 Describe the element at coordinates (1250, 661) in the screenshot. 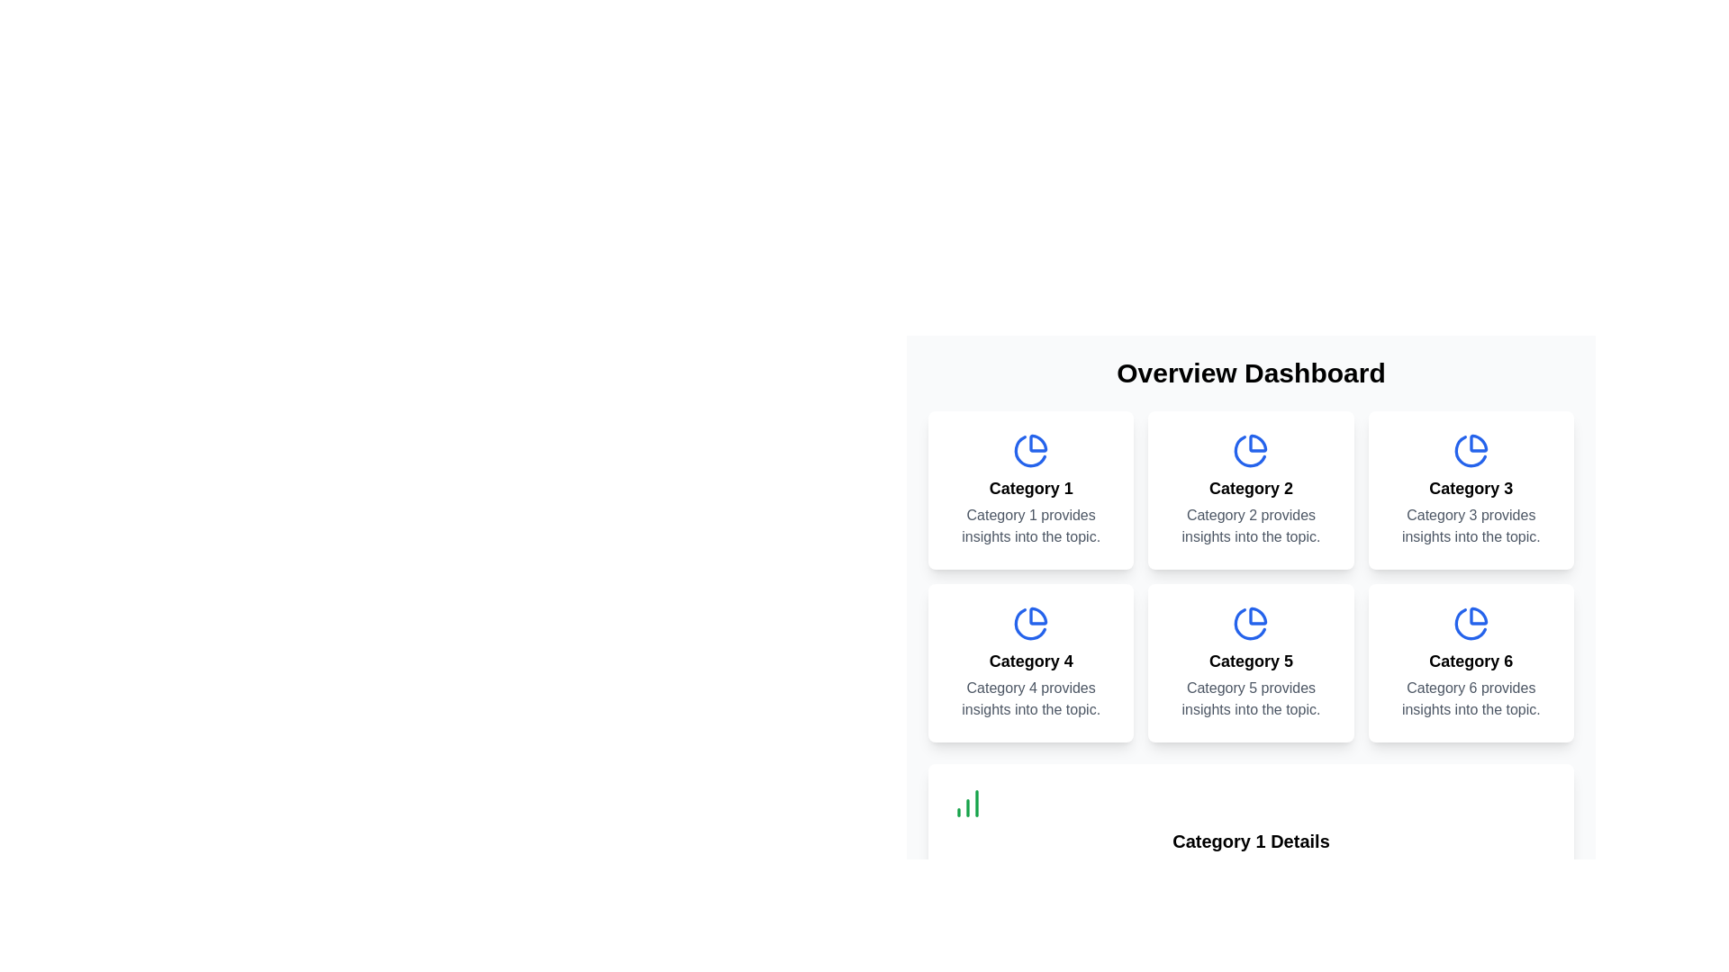

I see `the Text Label that serves as a title for the topic 'Category 5' located in the second row, second column of the grid in the Overview Dashboard section` at that location.